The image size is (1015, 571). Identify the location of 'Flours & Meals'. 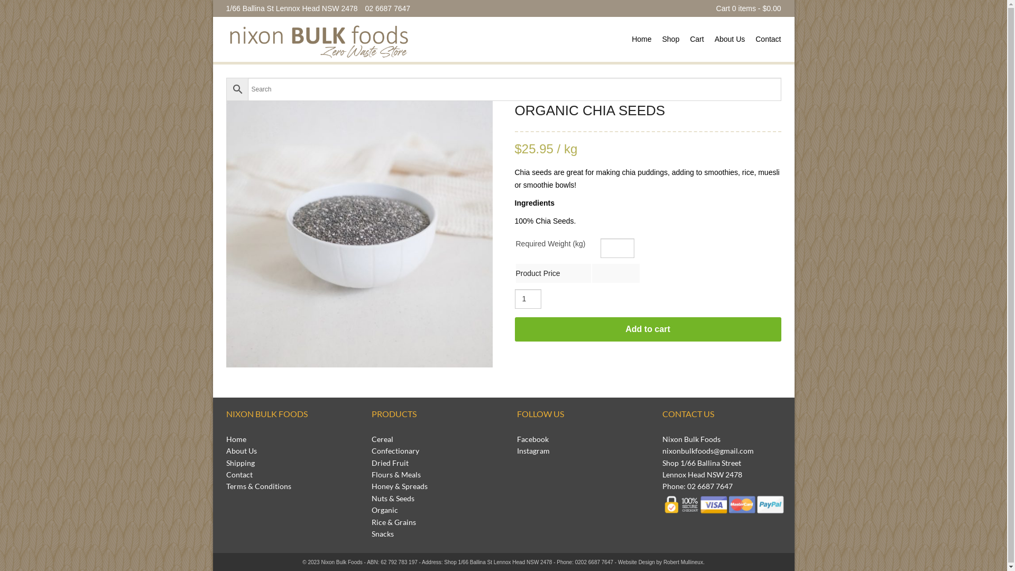
(371, 474).